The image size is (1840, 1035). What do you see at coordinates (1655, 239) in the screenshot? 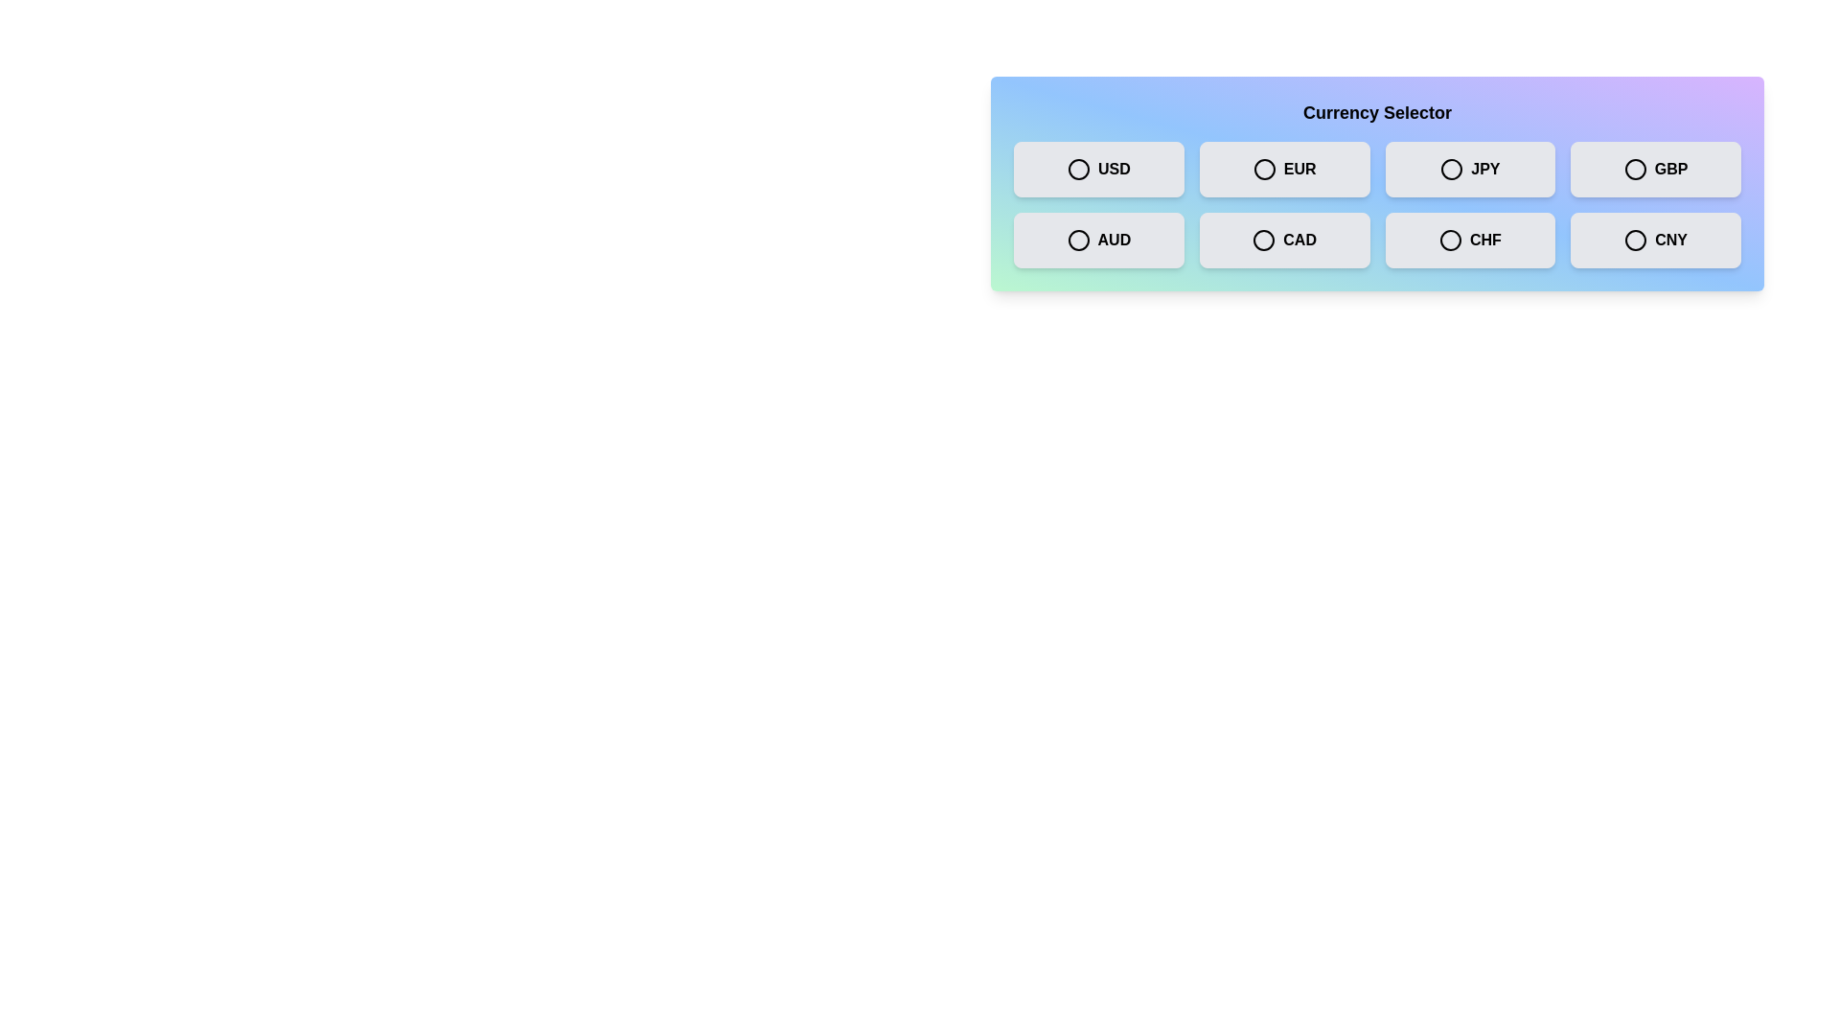
I see `the currency box labeled CNY to observe the hover effect` at bounding box center [1655, 239].